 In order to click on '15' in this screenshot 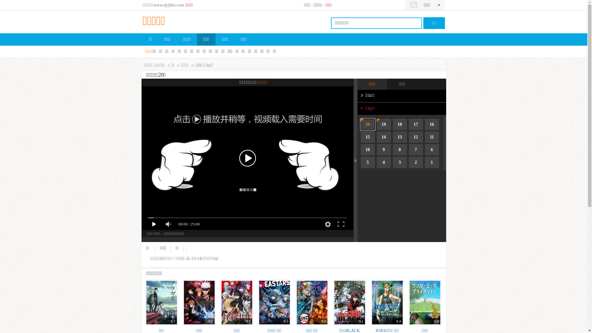, I will do `click(368, 137)`.